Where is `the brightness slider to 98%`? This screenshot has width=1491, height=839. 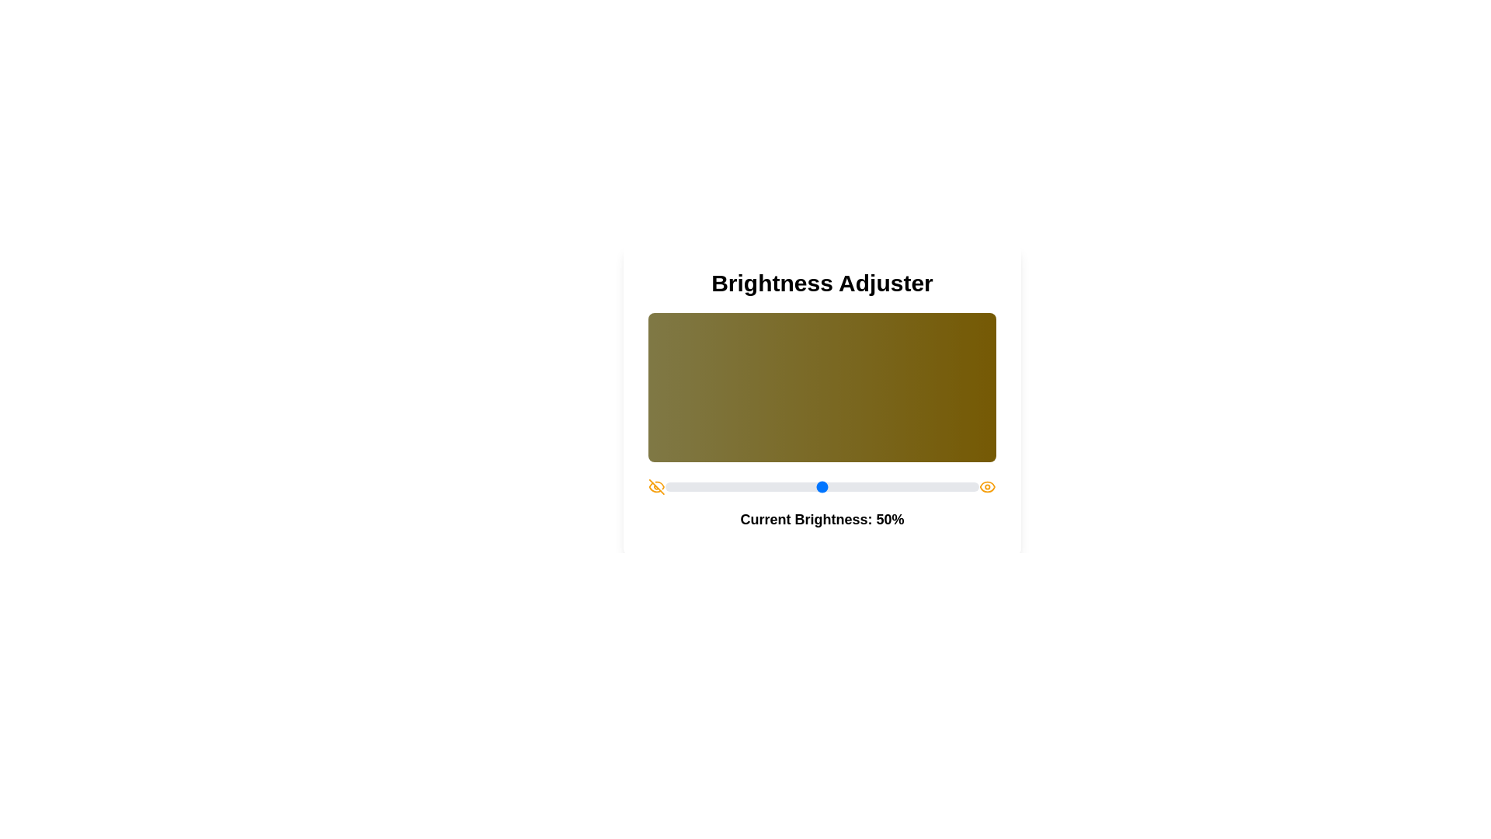
the brightness slider to 98% is located at coordinates (972, 486).